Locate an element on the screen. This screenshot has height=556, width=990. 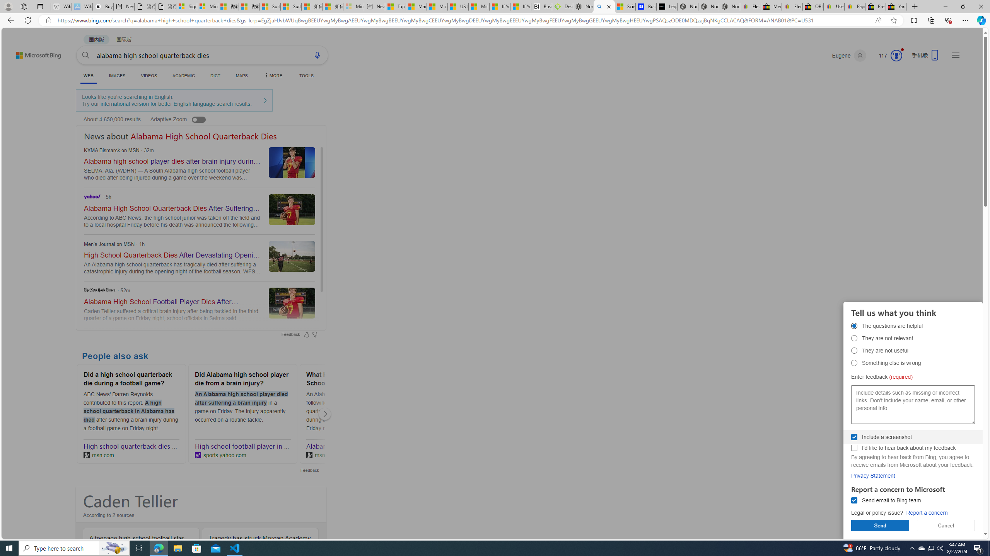
'Send email to Bing team Send email to Bing team' is located at coordinates (854, 500).